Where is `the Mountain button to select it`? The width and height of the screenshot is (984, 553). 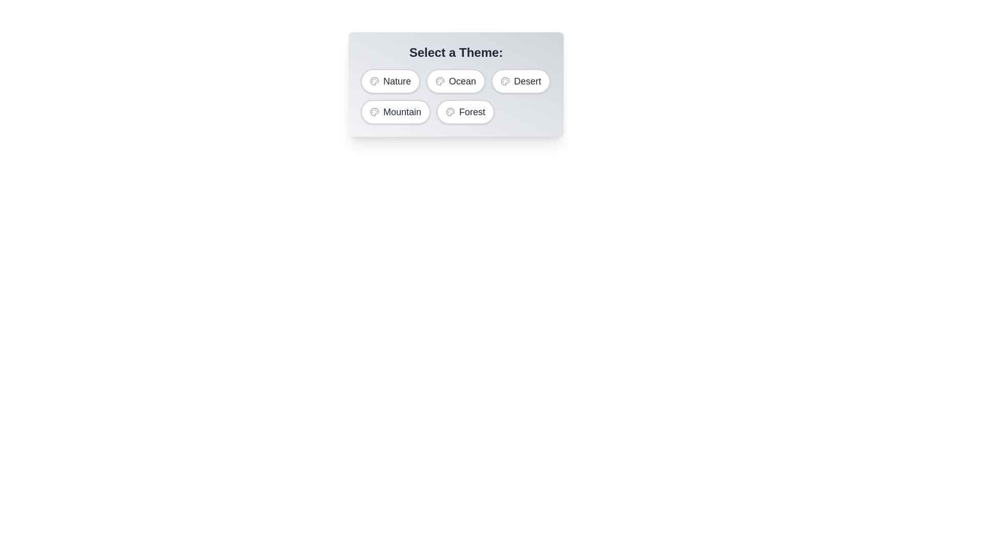
the Mountain button to select it is located at coordinates (395, 112).